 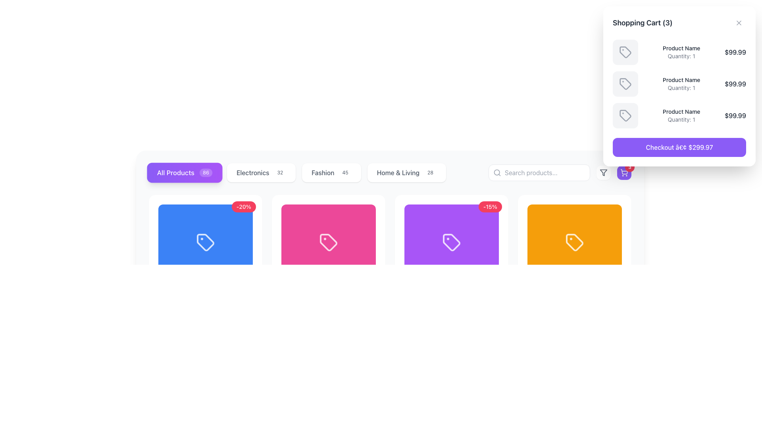 What do you see at coordinates (329, 267) in the screenshot?
I see `the Designer Watch Product Card, which is the second item from the left in a 4-column grid layout` at bounding box center [329, 267].